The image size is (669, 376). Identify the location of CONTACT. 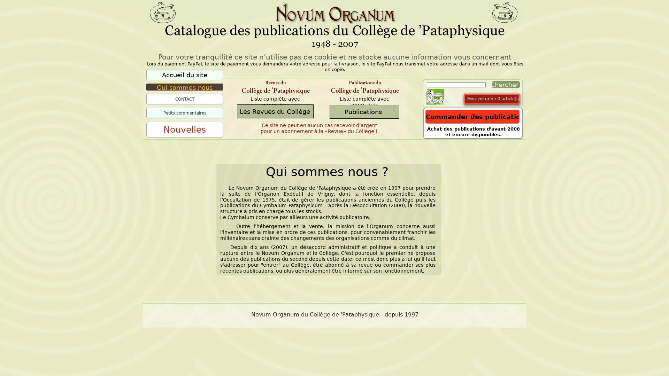
(184, 99).